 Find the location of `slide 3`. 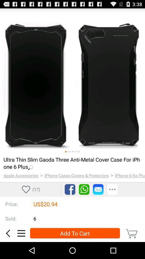

slide 3 is located at coordinates (70, 152).